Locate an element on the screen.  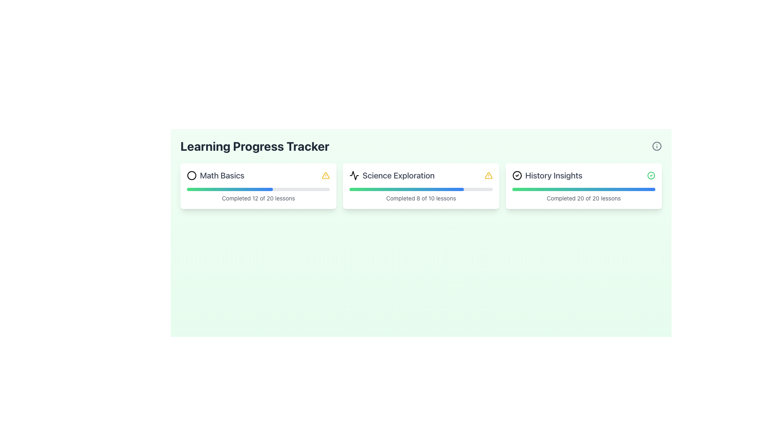
the SVG Circle that indicates a completed status, located beside the 'History Insights' label is located at coordinates (516, 175).